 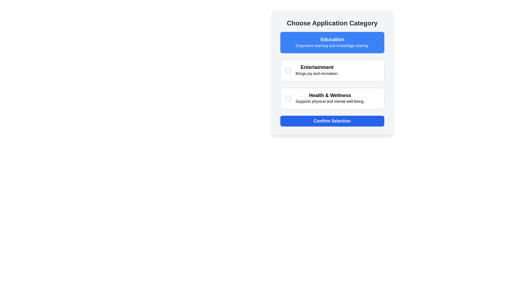 What do you see at coordinates (317, 74) in the screenshot?
I see `the explanatory text label located beneath the 'Entertainment' title within the bordered card layout` at bounding box center [317, 74].